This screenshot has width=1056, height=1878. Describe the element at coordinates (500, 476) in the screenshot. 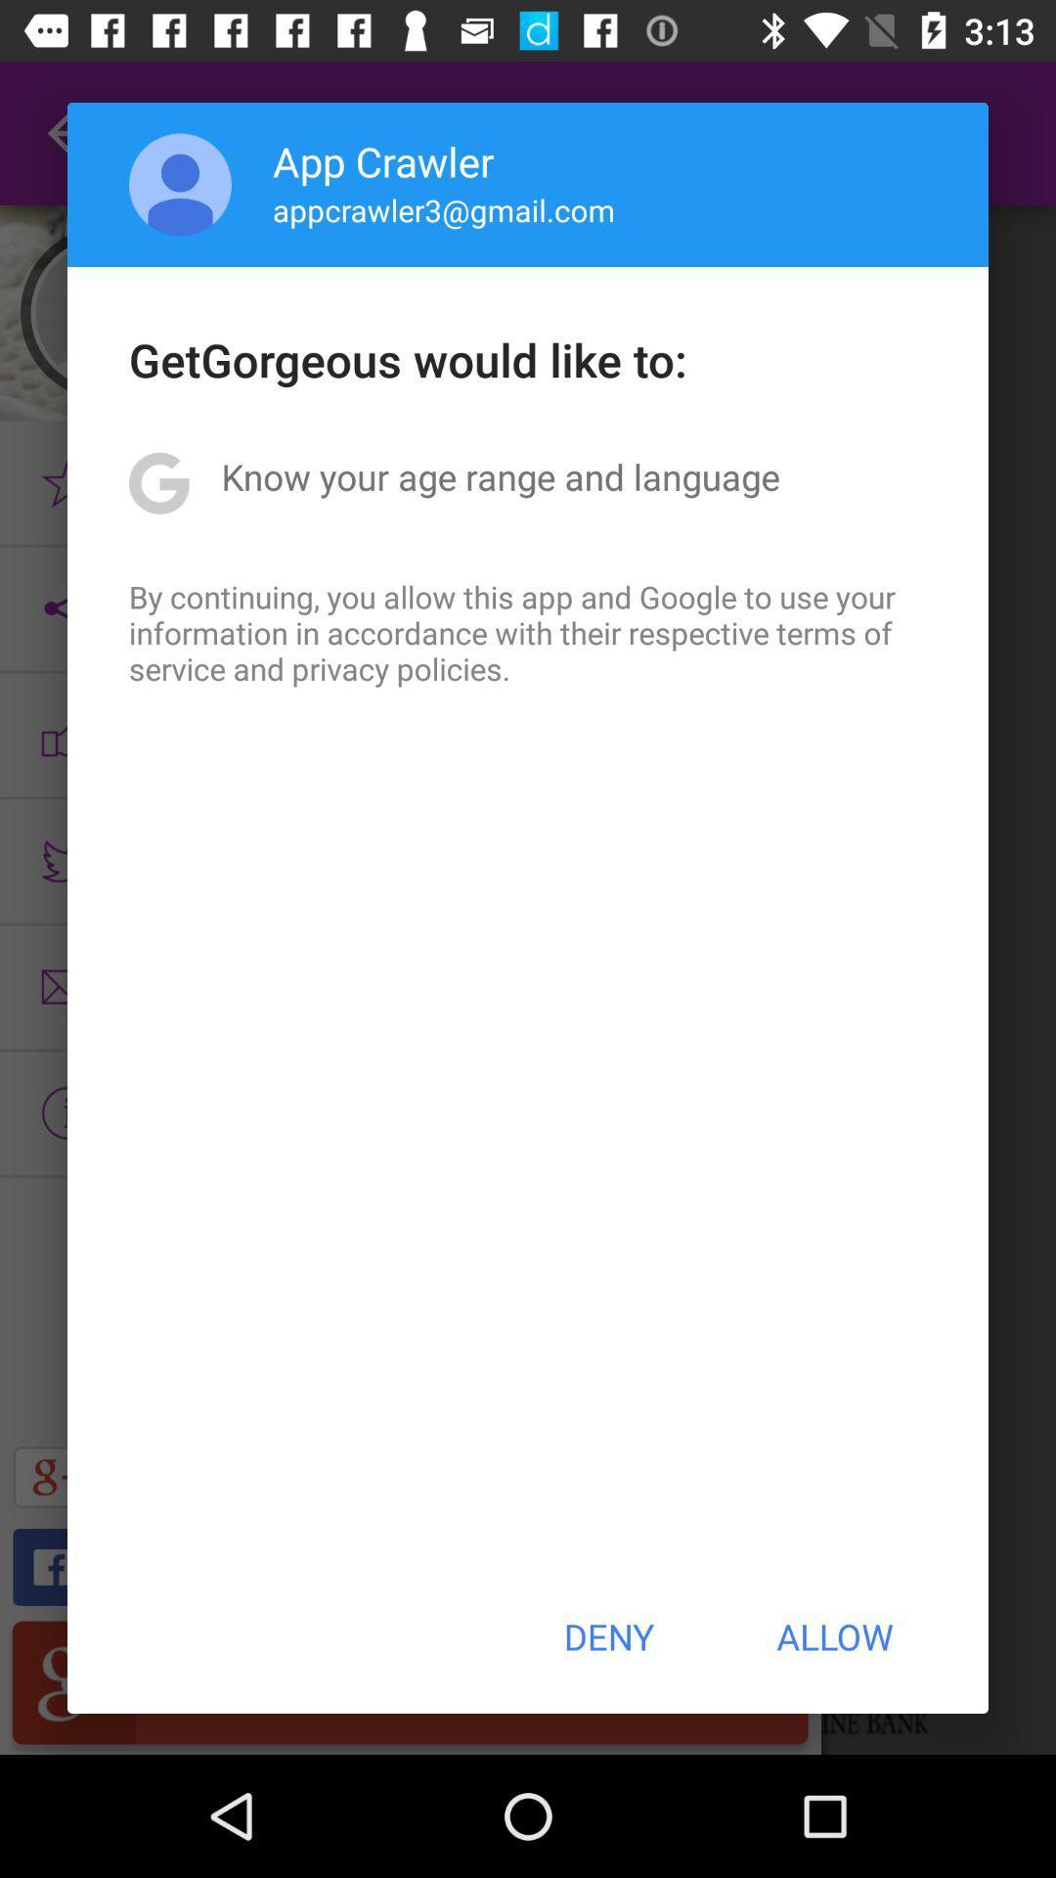

I see `the item above by continuing you app` at that location.